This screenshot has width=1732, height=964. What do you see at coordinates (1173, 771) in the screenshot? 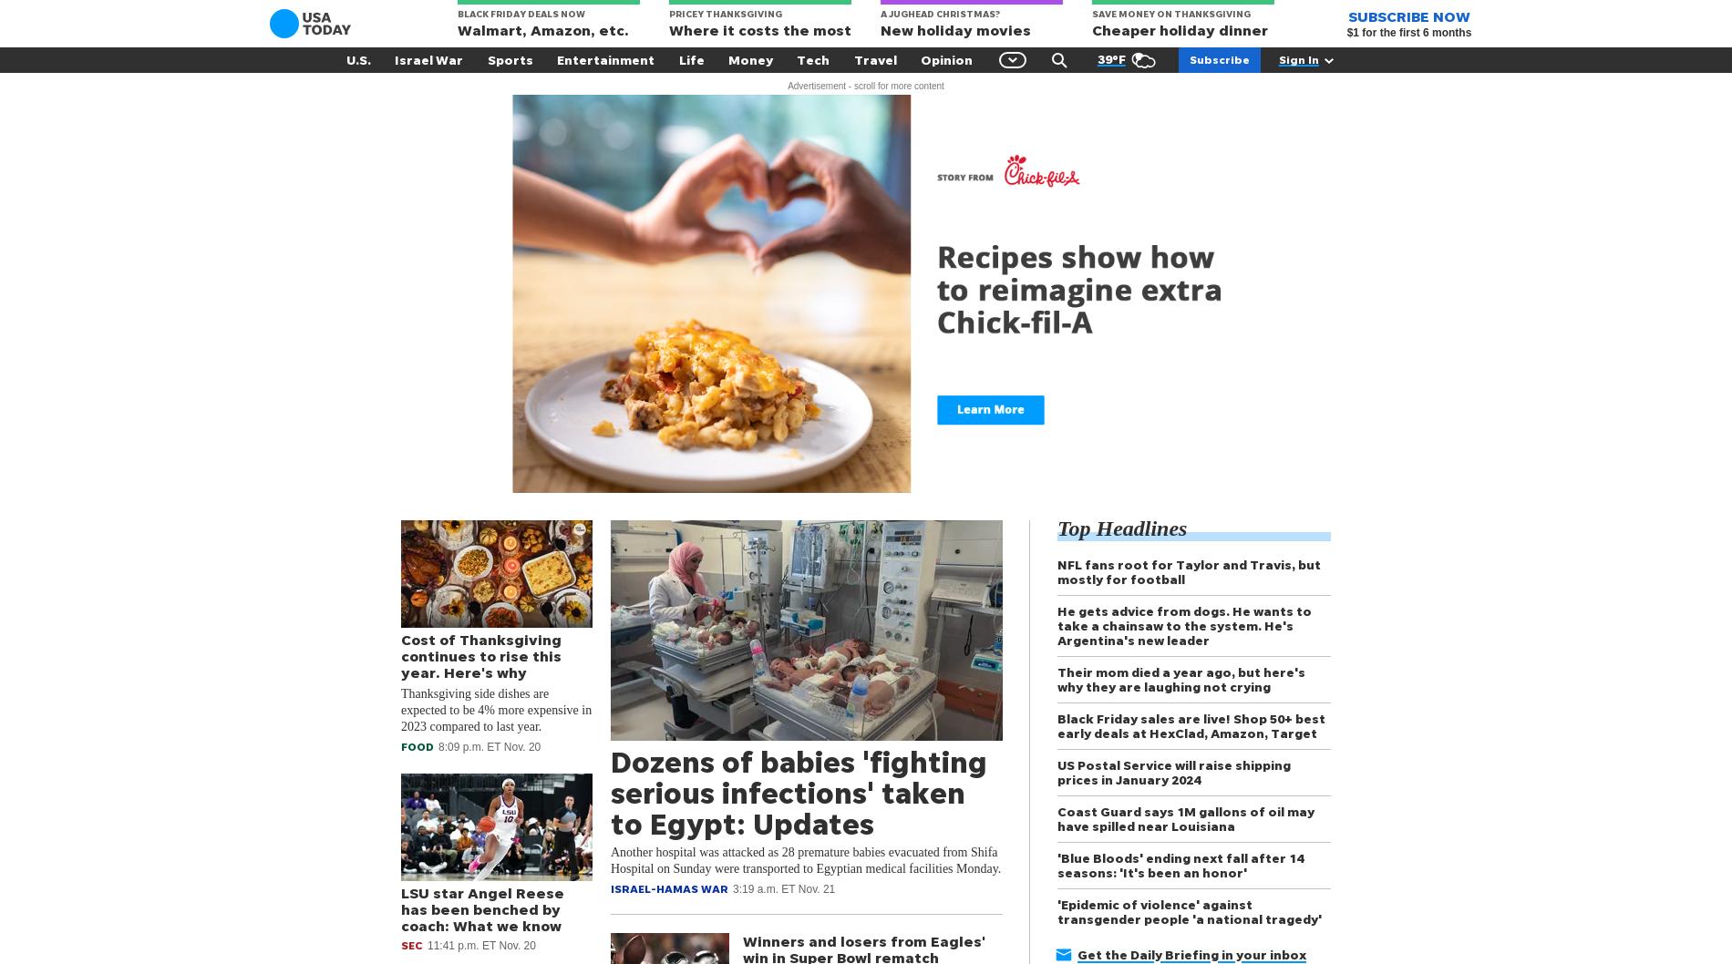
I see `'US Postal Service will raise shipping prices in January 2024'` at bounding box center [1173, 771].